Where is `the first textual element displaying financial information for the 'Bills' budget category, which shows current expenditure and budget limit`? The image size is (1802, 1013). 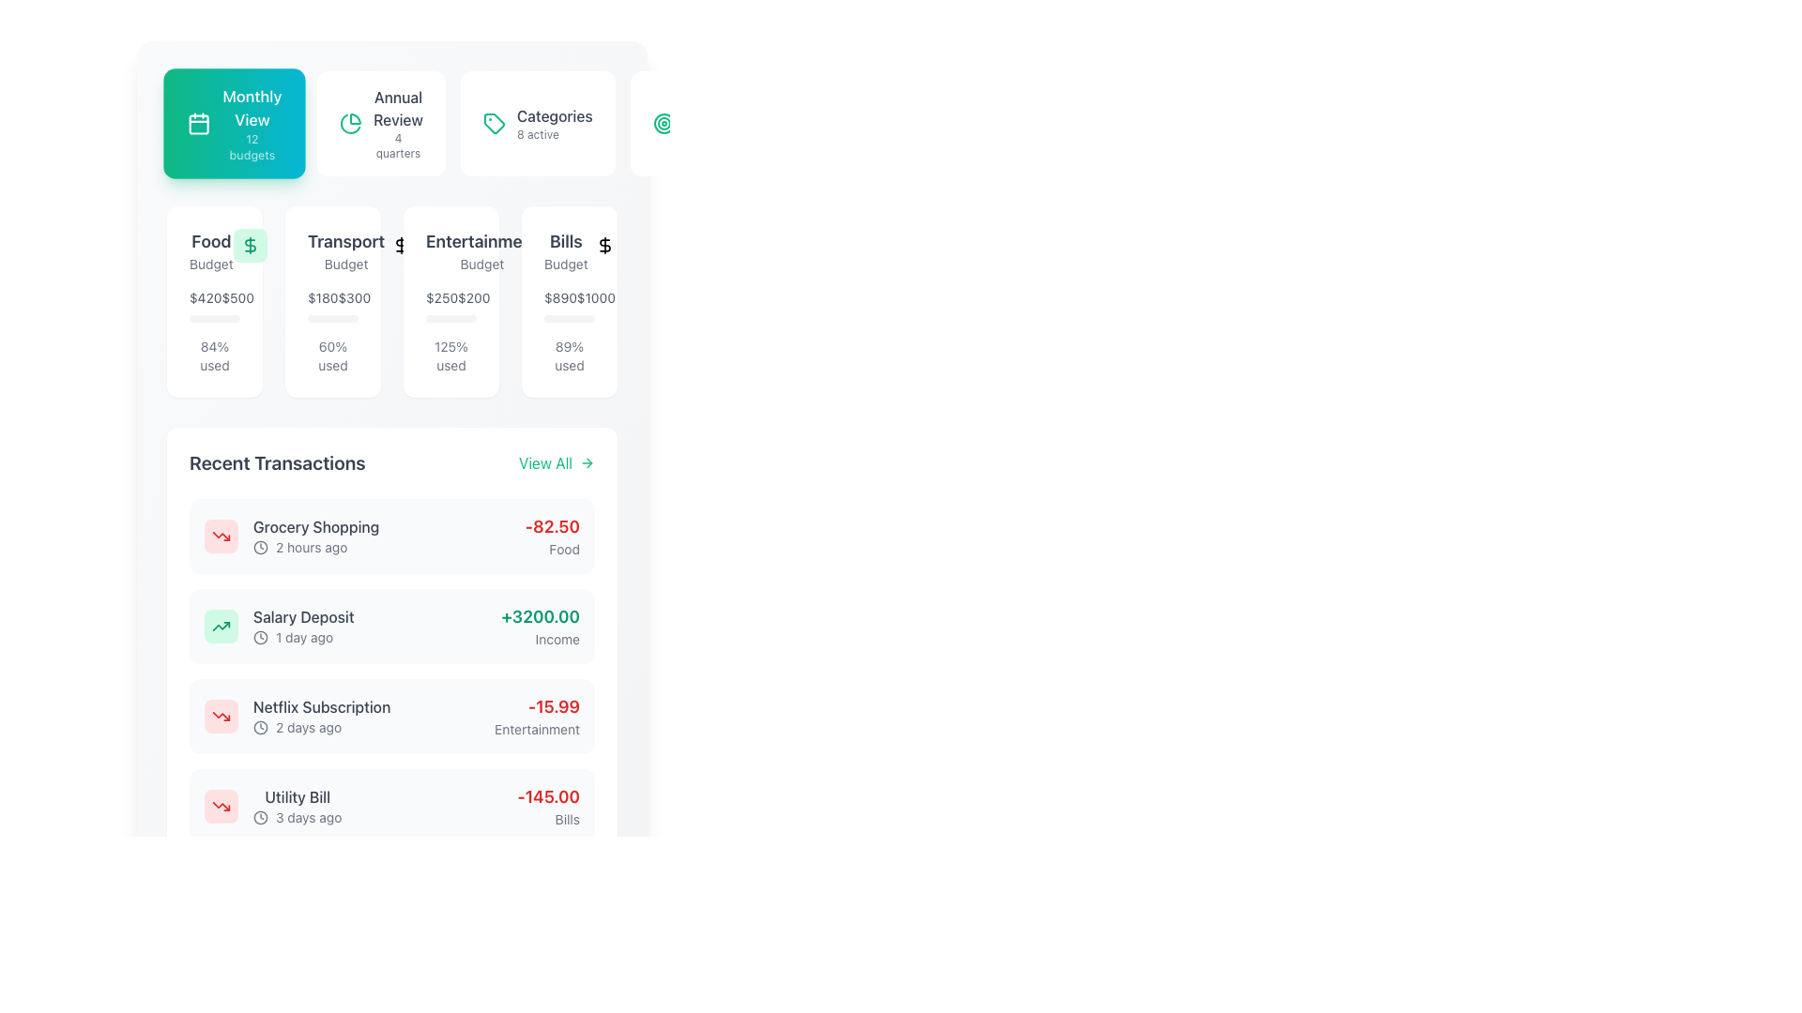
the first textual element displaying financial information for the 'Bills' budget category, which shows current expenditure and budget limit is located at coordinates (568, 296).